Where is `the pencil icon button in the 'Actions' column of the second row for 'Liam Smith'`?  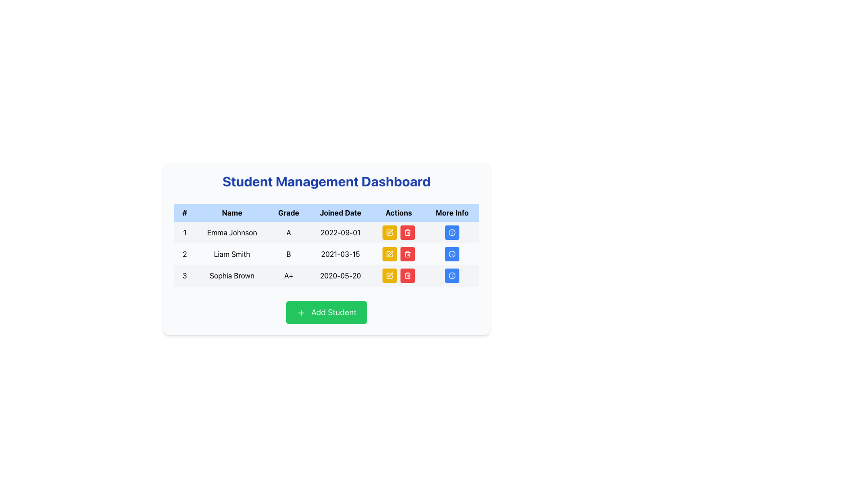 the pencil icon button in the 'Actions' column of the second row for 'Liam Smith' is located at coordinates (390, 254).